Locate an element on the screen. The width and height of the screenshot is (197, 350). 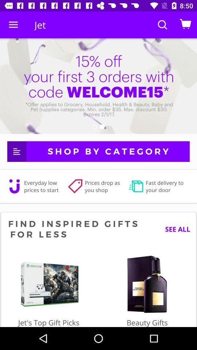
the see all icon is located at coordinates (174, 229).